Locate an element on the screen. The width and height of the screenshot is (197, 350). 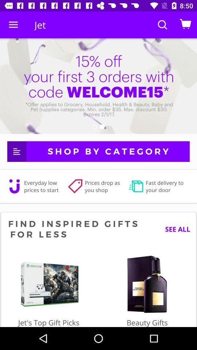
the see all icon is located at coordinates (174, 229).